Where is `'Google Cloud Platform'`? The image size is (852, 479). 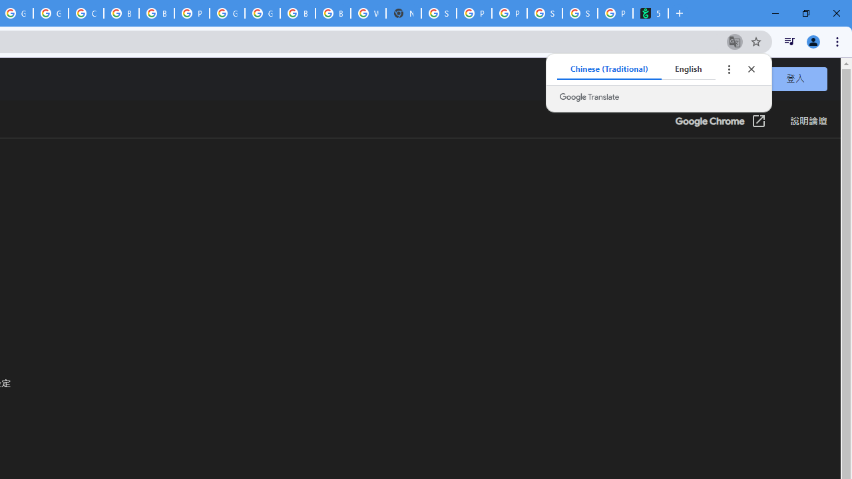
'Google Cloud Platform' is located at coordinates (227, 13).